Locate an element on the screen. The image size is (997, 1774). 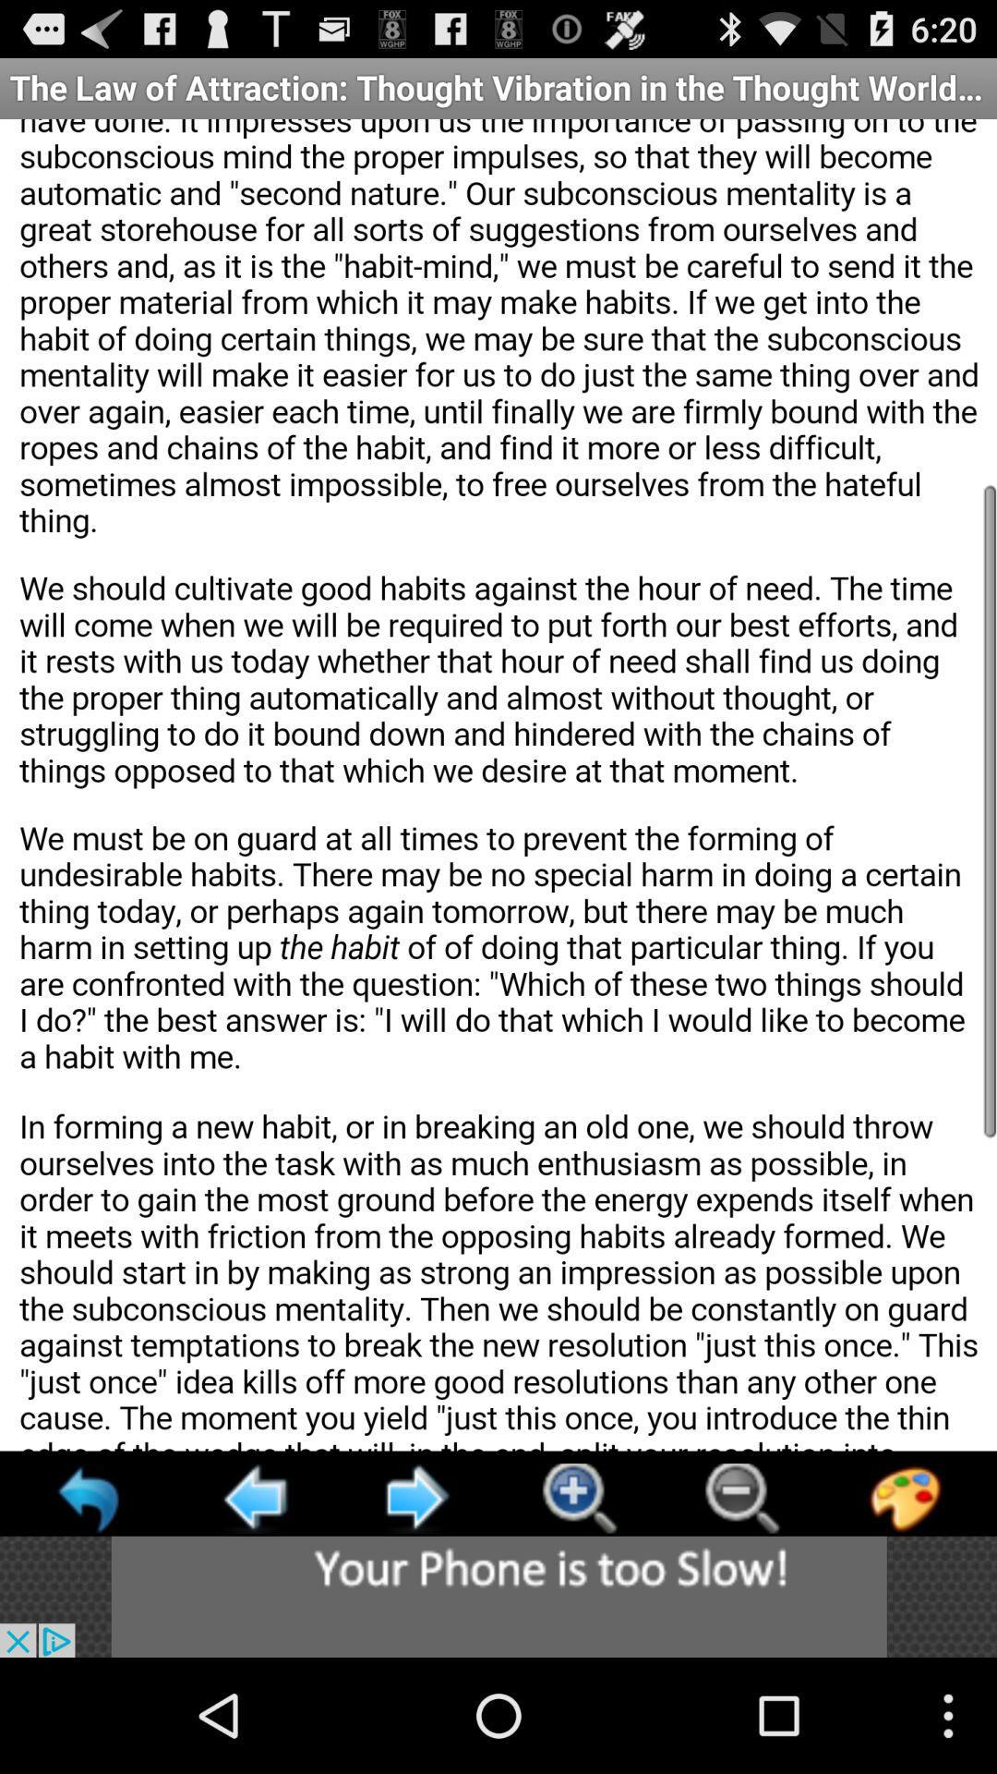
go back is located at coordinates (90, 1498).